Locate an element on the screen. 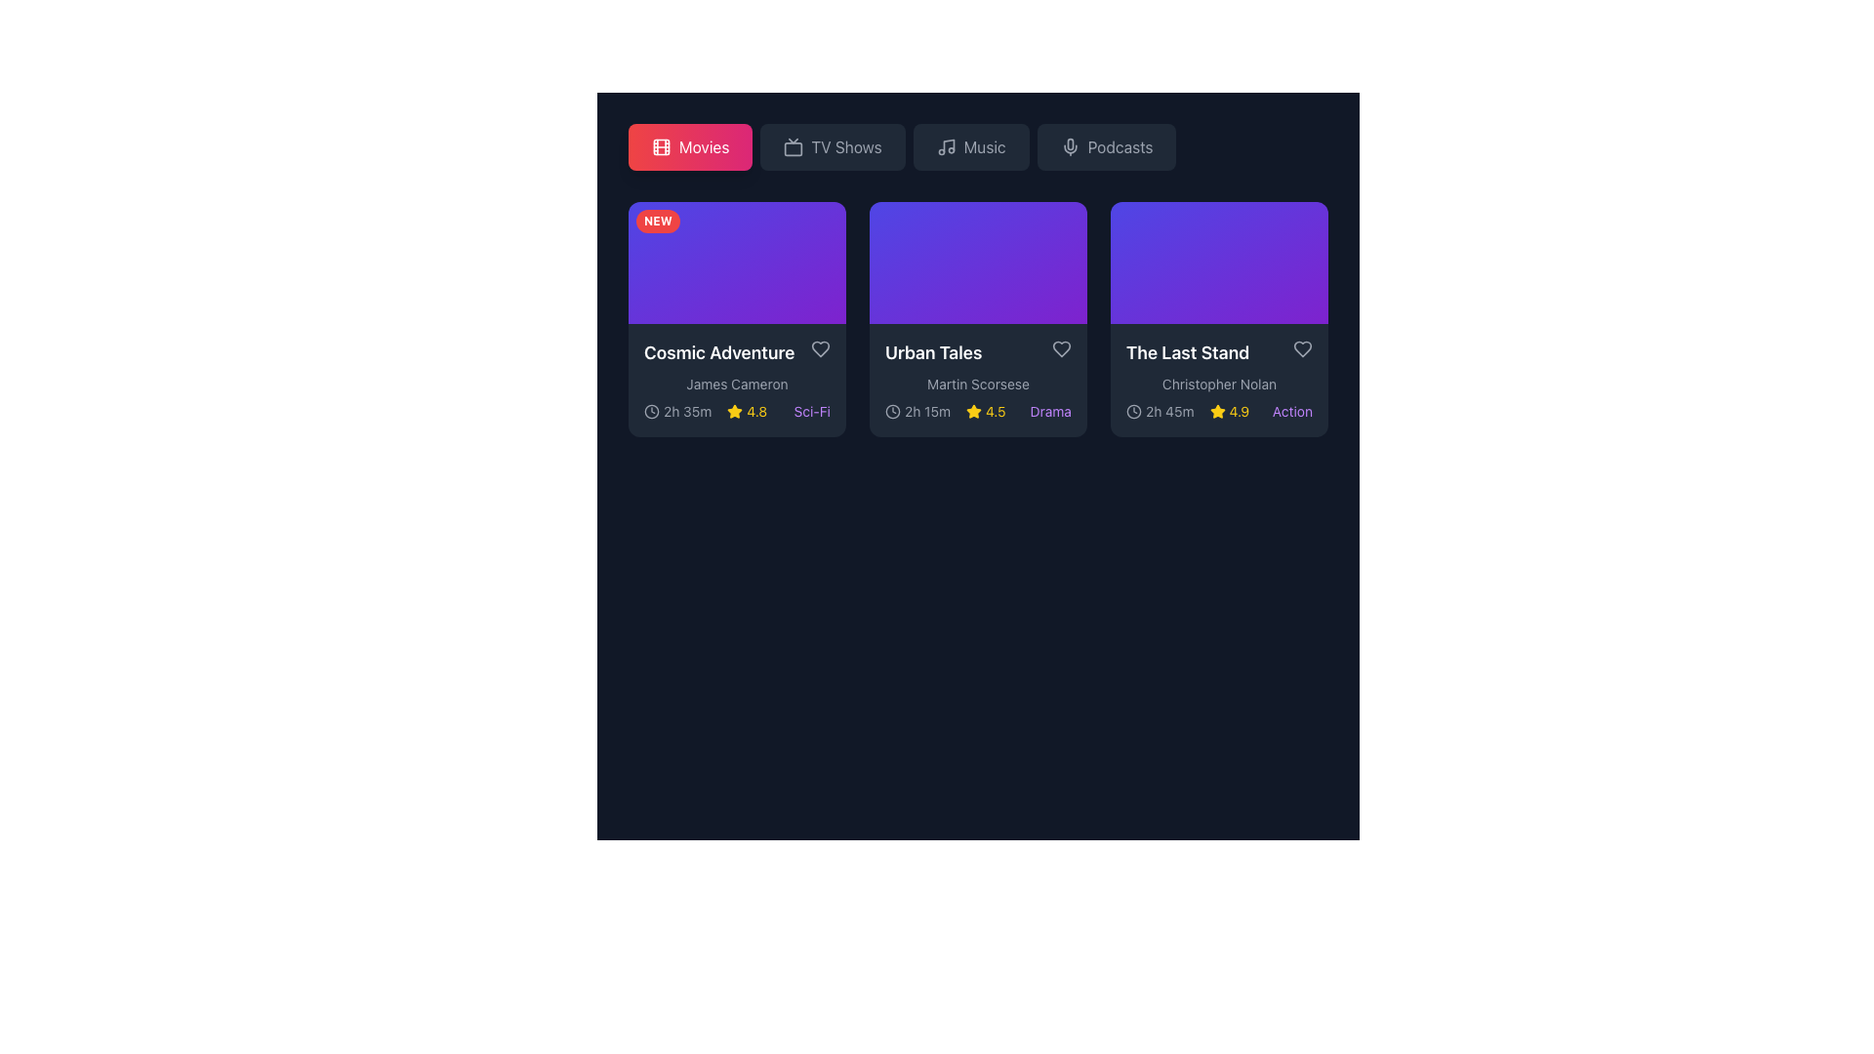  the 'Cosmic Adventure' text label, which is displayed in bold white font against a dark background, located within the first card of a horizontal list, adjacent to a heart icon is located at coordinates (736, 353).